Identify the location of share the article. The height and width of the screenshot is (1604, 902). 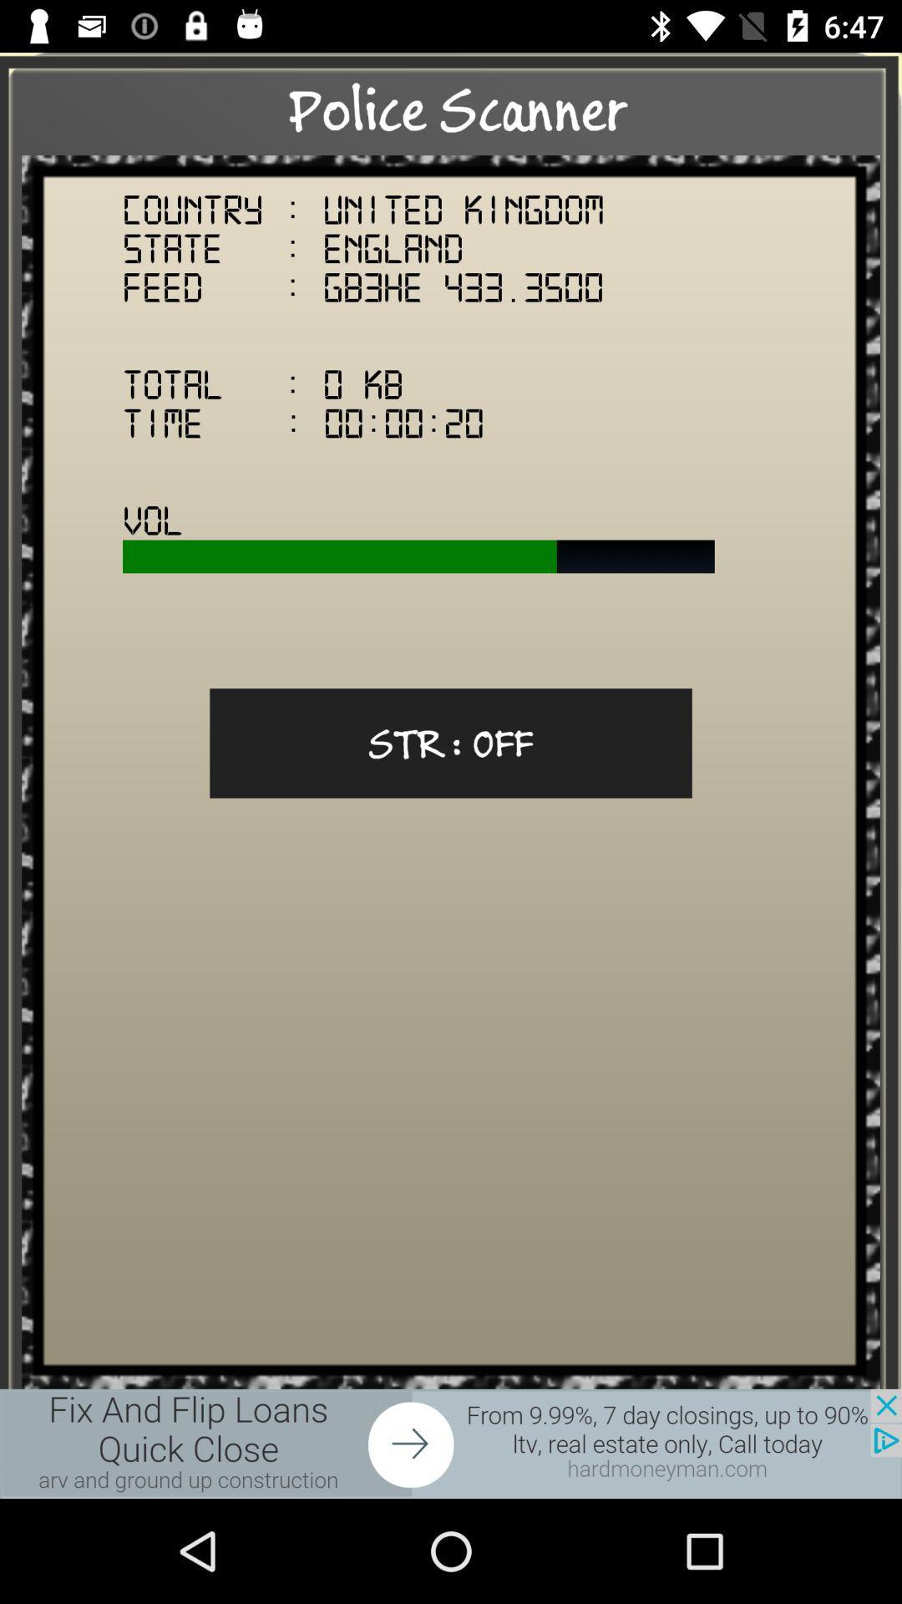
(451, 1443).